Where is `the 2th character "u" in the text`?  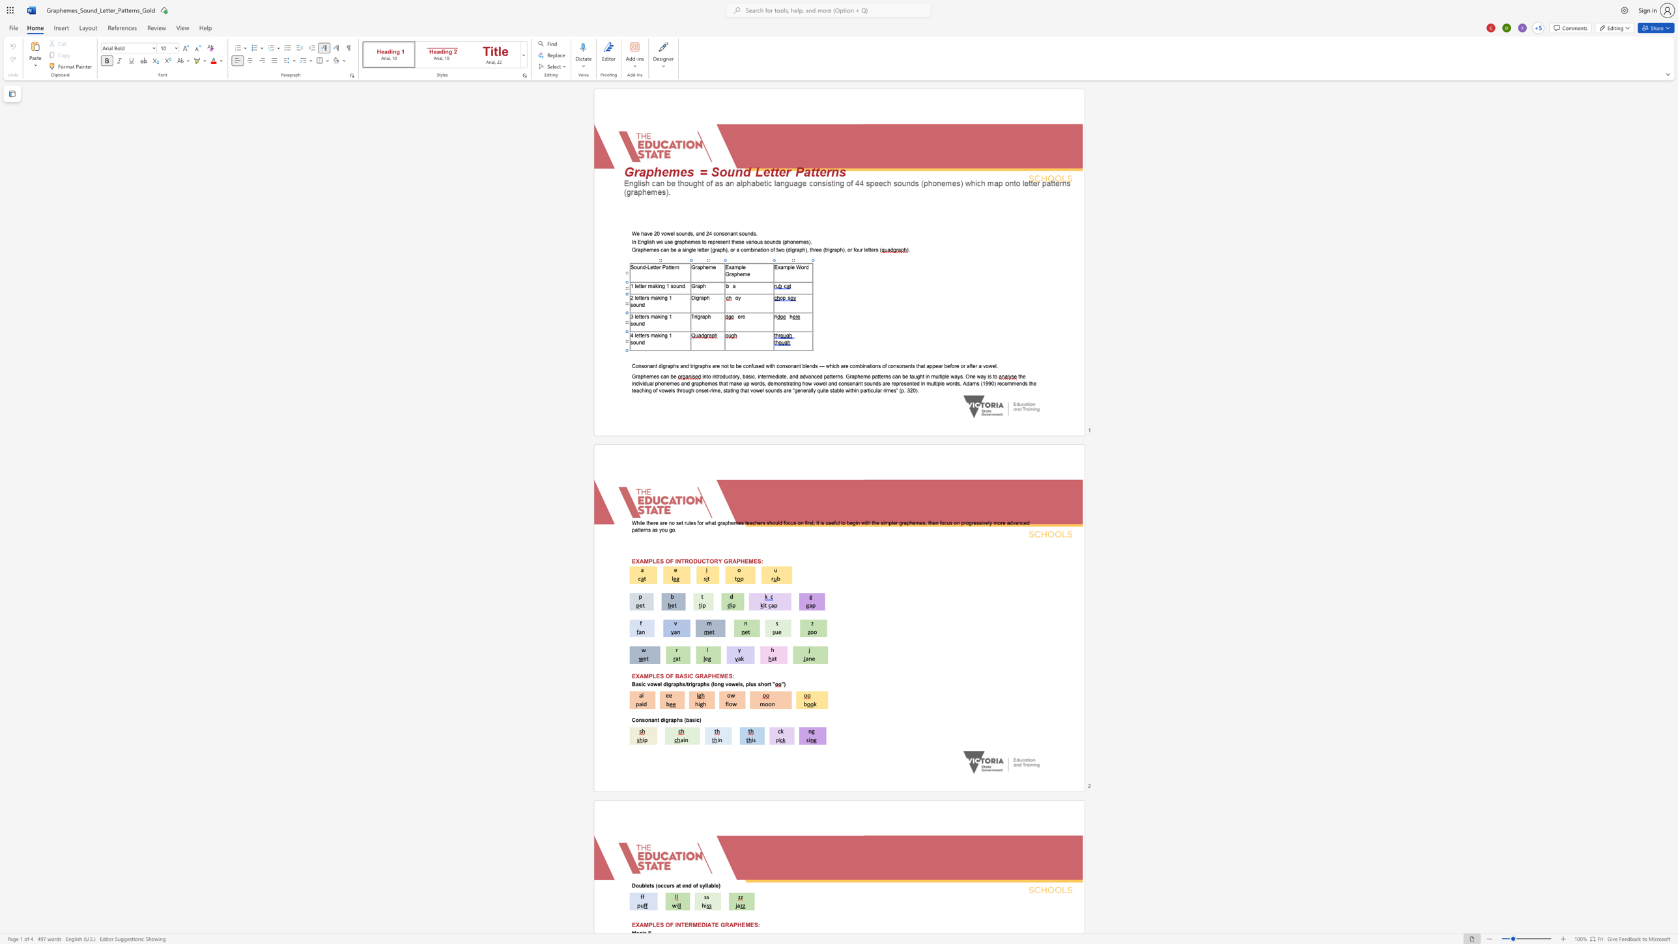 the 2th character "u" in the text is located at coordinates (668, 885).